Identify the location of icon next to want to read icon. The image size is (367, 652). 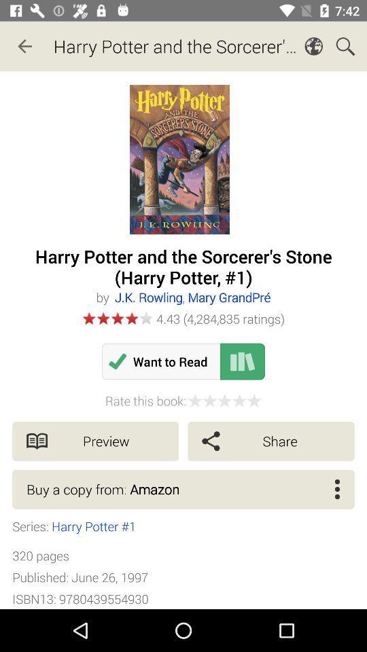
(242, 361).